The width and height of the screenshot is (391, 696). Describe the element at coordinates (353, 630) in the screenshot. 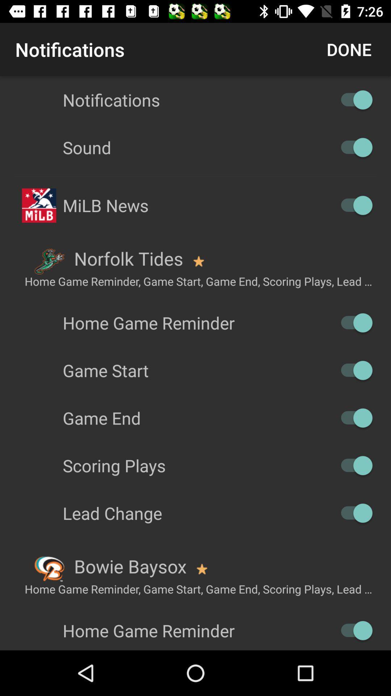

I see `reminder option` at that location.